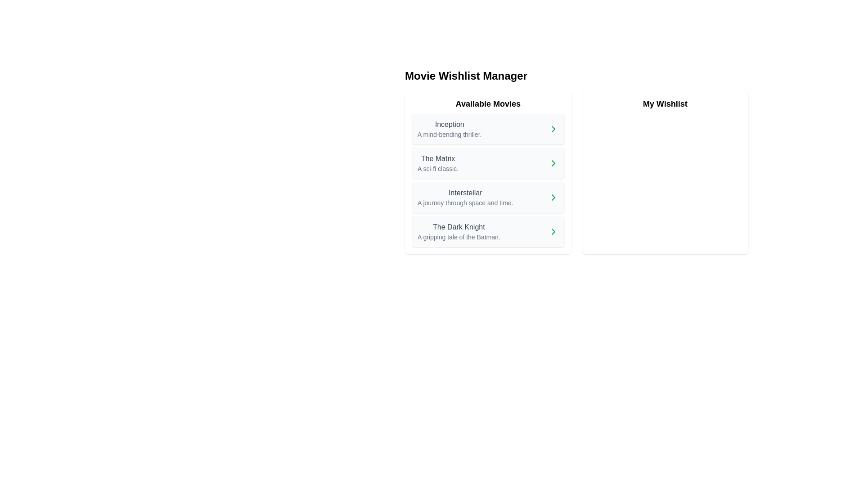  I want to click on the green right-facing SVG arrow icon associated with 'The Matrix', so click(553, 163).